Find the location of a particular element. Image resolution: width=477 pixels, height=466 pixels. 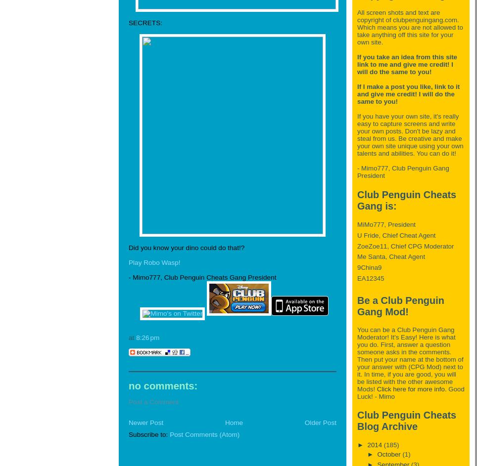

'(185)' is located at coordinates (383, 444).